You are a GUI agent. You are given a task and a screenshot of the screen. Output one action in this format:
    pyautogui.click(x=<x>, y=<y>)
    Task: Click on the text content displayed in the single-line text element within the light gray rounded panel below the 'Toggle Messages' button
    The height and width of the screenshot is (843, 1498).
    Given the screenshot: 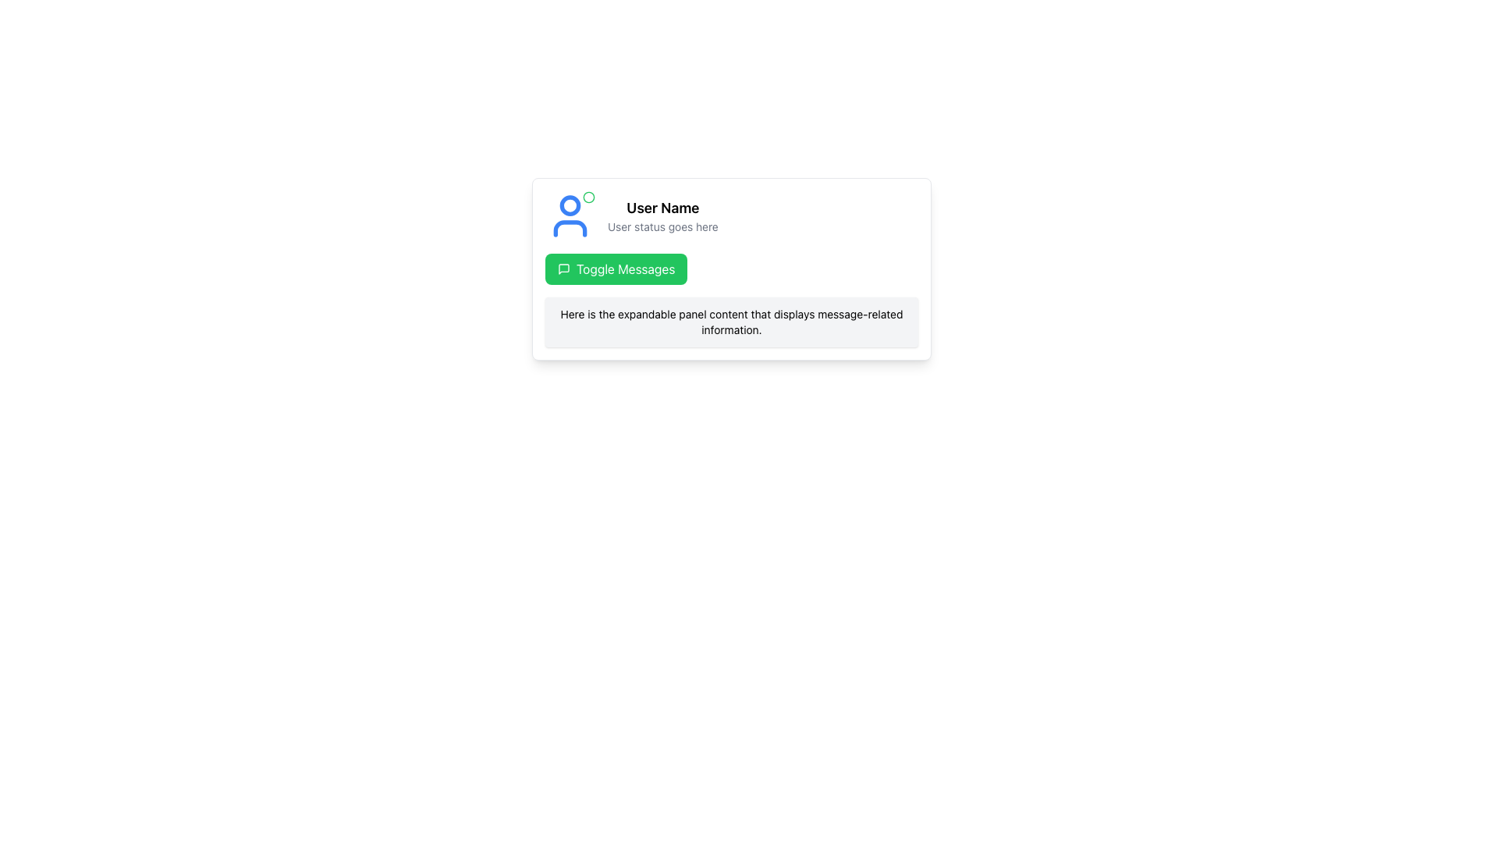 What is the action you would take?
    pyautogui.click(x=730, y=321)
    